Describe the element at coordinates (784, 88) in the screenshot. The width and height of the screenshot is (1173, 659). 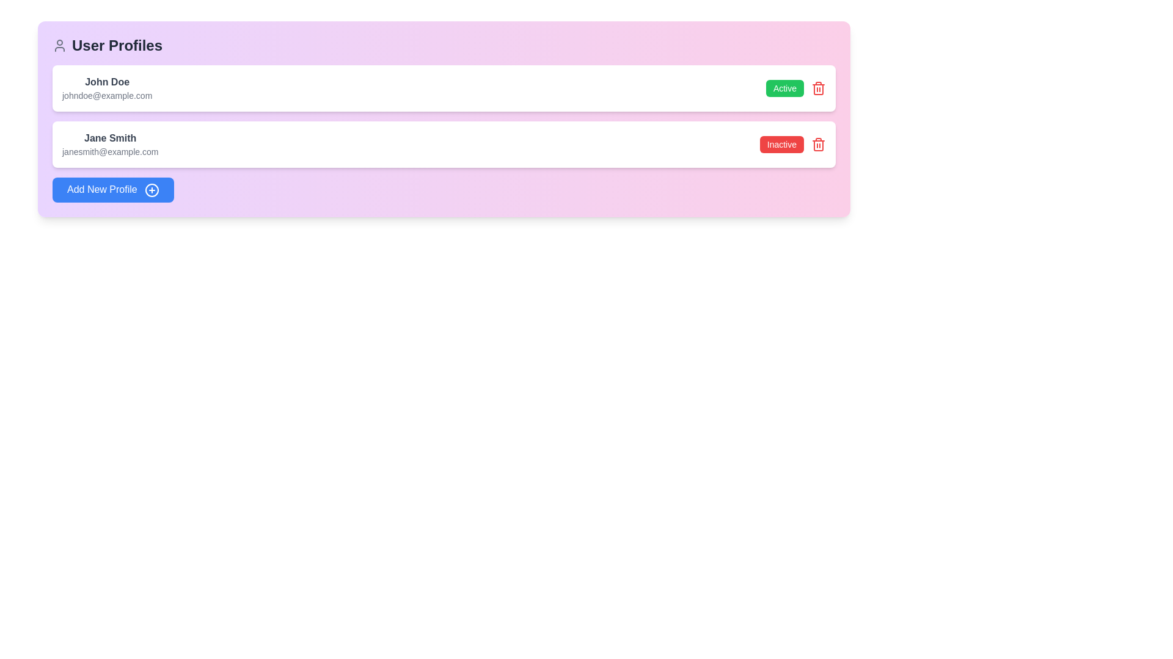
I see `the green pill-shaped button labeled 'Active' located in the top-right section of the first user profile entry within the 'User Profiles' panel for keyboard interaction` at that location.